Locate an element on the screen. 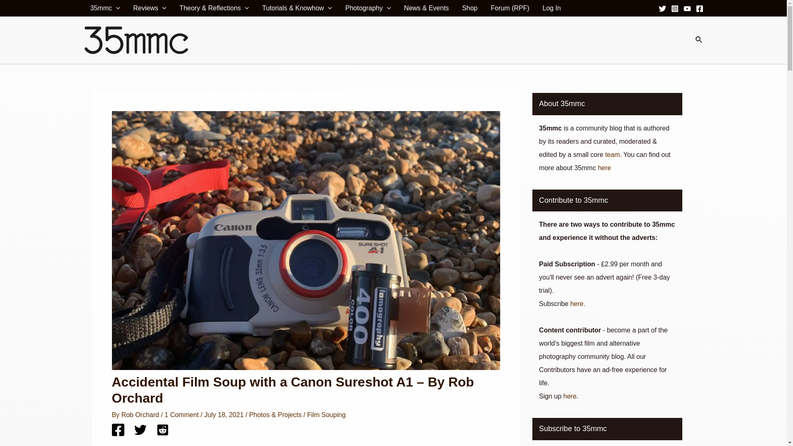 The width and height of the screenshot is (793, 446). 'team' is located at coordinates (605, 154).